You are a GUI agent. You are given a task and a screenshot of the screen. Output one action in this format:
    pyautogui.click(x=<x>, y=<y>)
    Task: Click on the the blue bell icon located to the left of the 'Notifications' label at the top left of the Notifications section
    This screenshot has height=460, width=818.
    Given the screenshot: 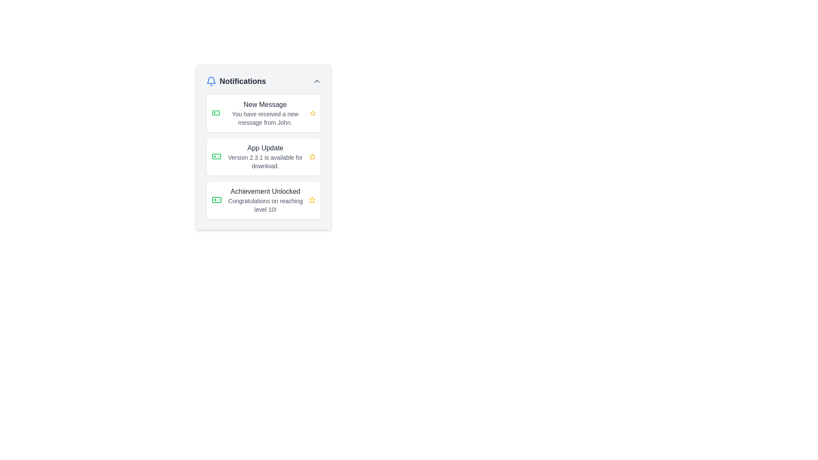 What is the action you would take?
    pyautogui.click(x=211, y=81)
    